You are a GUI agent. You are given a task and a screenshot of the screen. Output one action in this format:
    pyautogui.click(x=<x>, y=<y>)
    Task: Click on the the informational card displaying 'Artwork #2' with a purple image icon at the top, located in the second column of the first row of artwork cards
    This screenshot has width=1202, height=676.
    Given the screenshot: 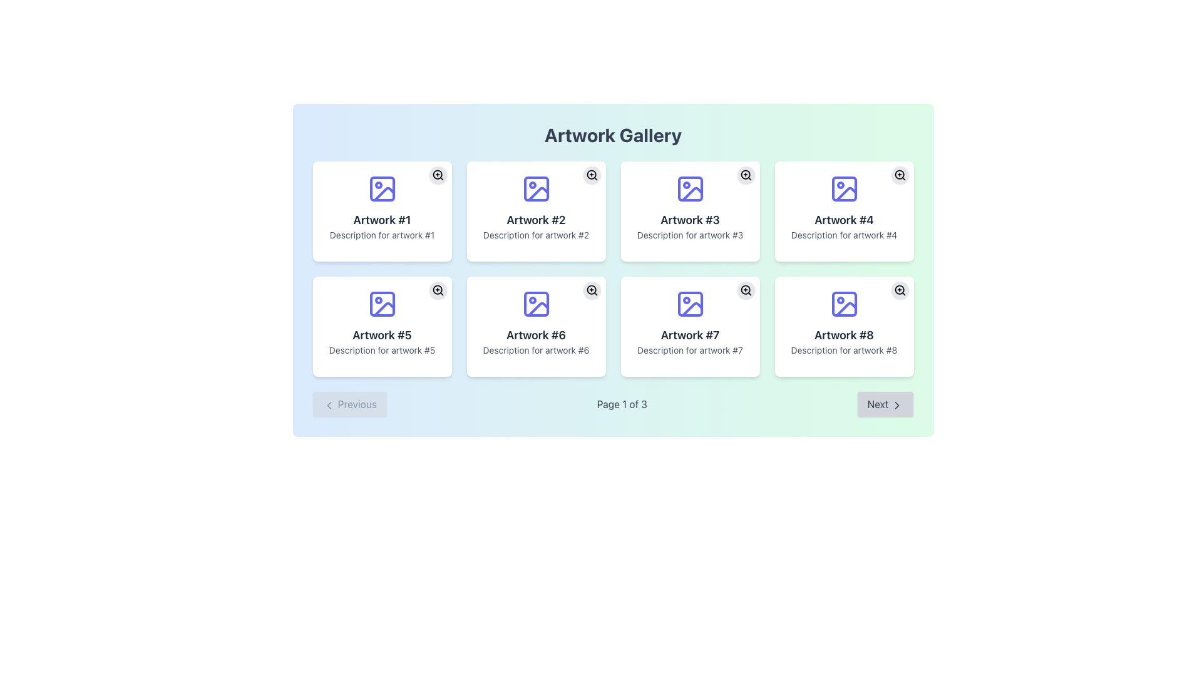 What is the action you would take?
    pyautogui.click(x=536, y=211)
    